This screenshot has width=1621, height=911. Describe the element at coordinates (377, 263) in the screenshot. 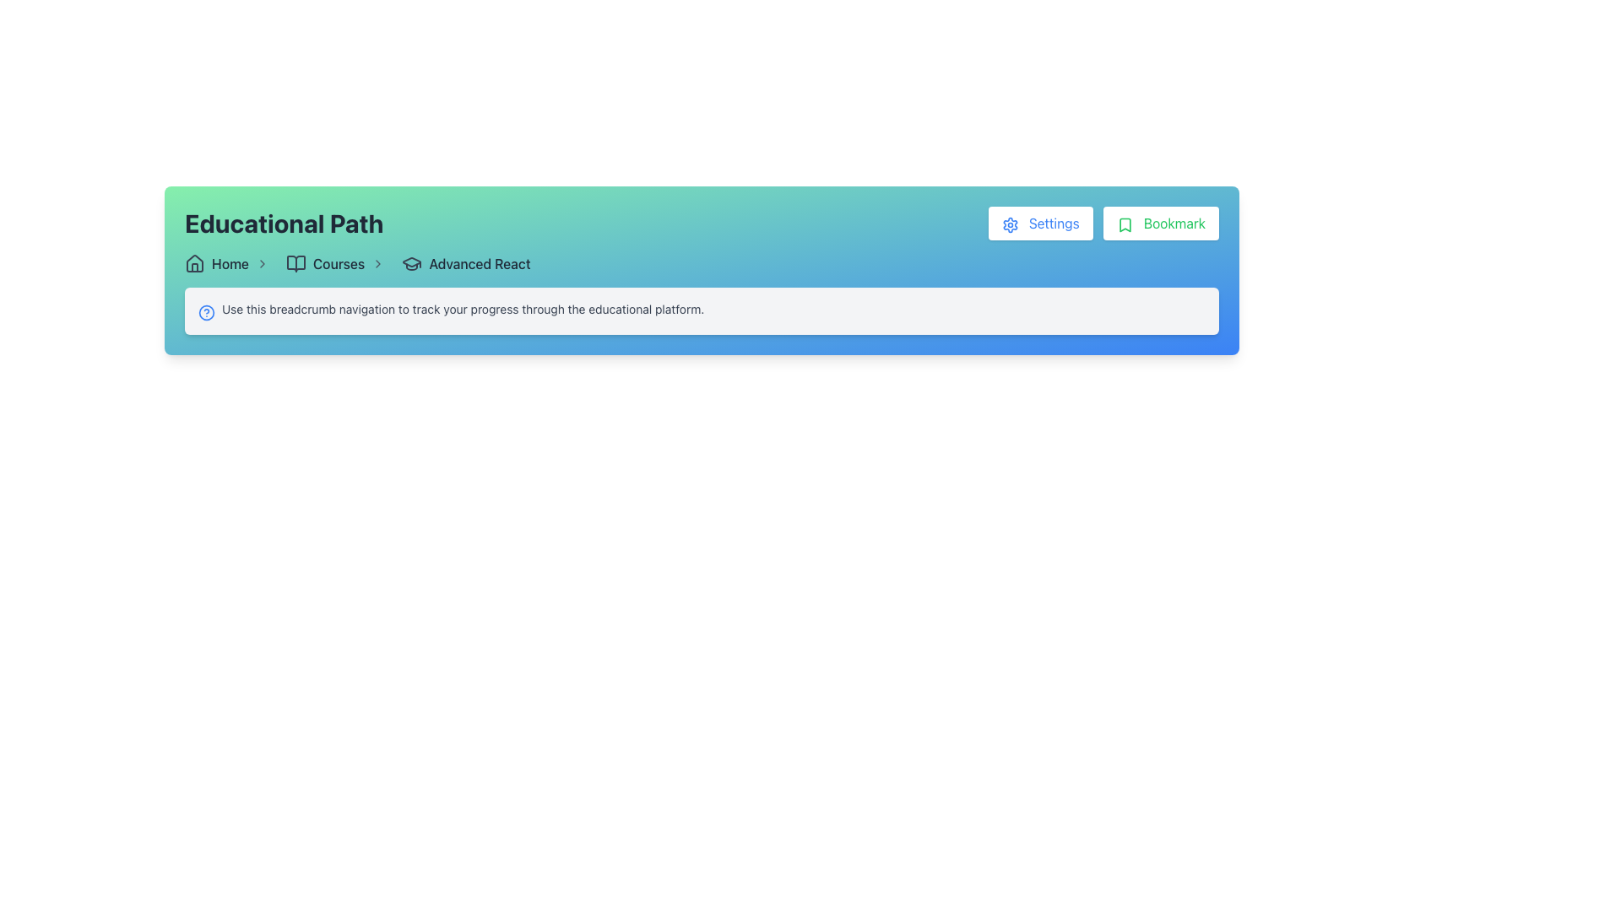

I see `the breadcrumb navigation icon that separates 'Courses' from the next level in the hierarchy` at that location.